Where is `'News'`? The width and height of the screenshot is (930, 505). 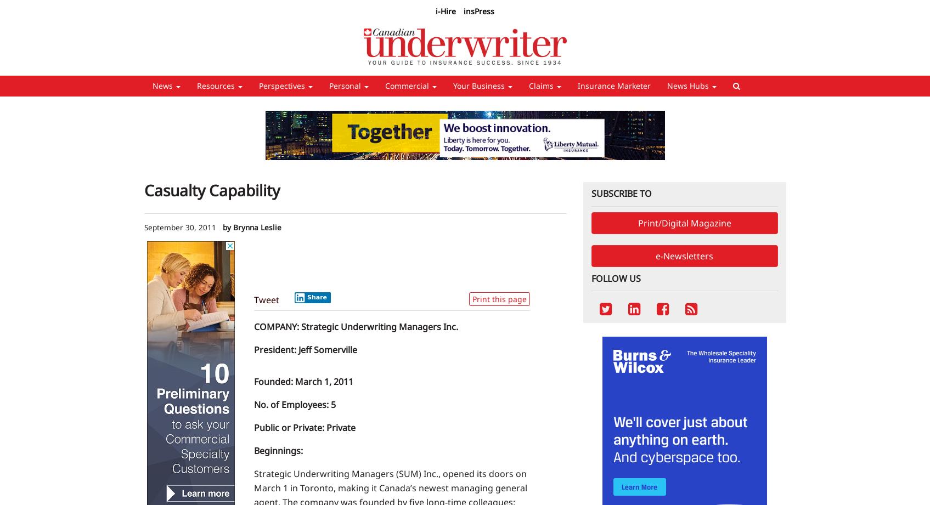 'News' is located at coordinates (163, 85).